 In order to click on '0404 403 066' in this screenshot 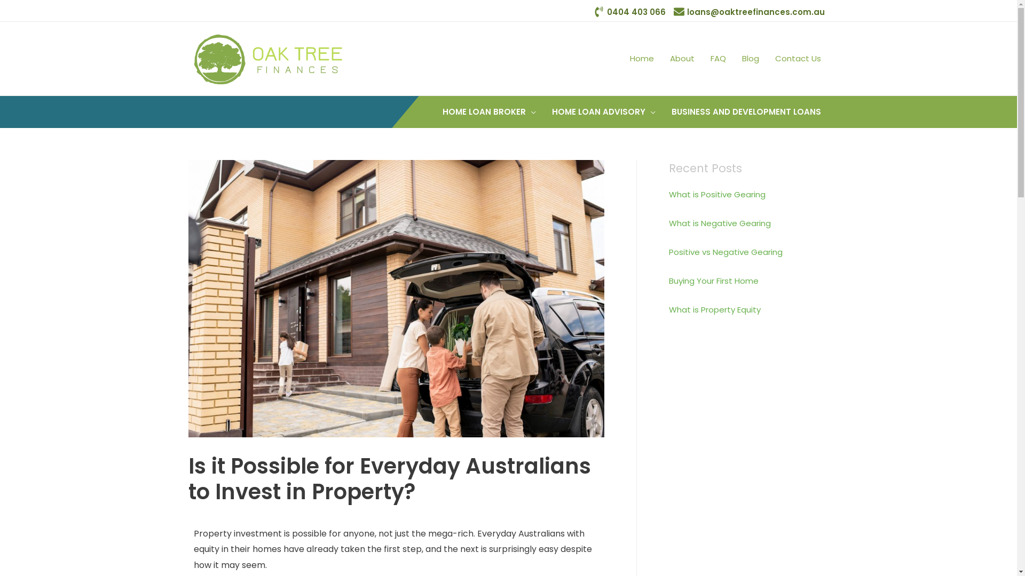, I will do `click(593, 12)`.